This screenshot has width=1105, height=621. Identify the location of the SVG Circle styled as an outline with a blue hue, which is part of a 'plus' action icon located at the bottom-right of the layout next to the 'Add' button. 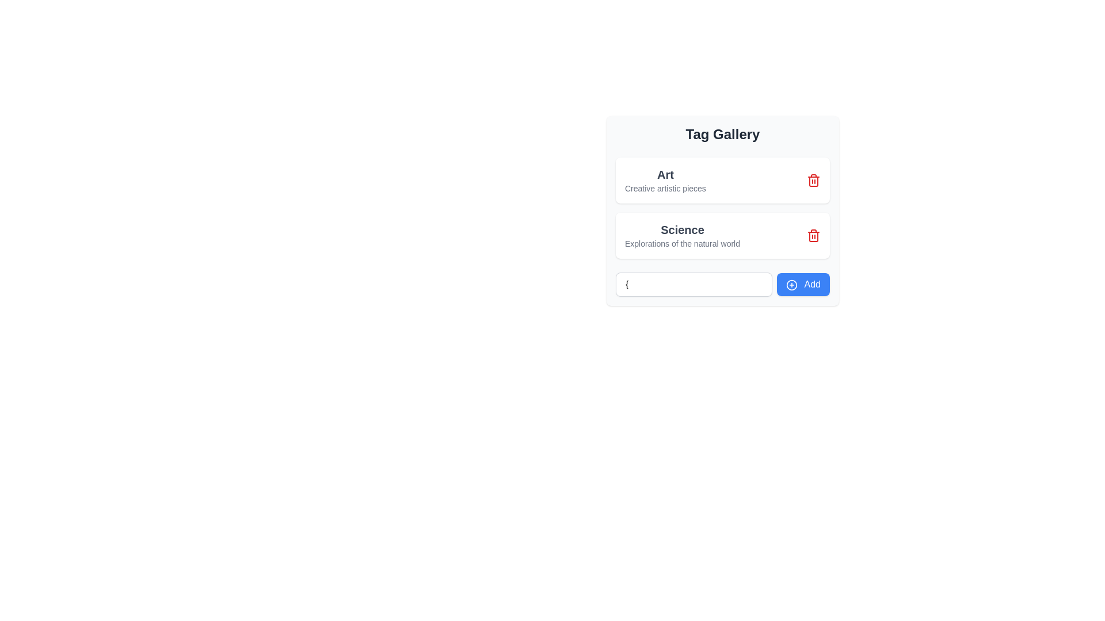
(791, 285).